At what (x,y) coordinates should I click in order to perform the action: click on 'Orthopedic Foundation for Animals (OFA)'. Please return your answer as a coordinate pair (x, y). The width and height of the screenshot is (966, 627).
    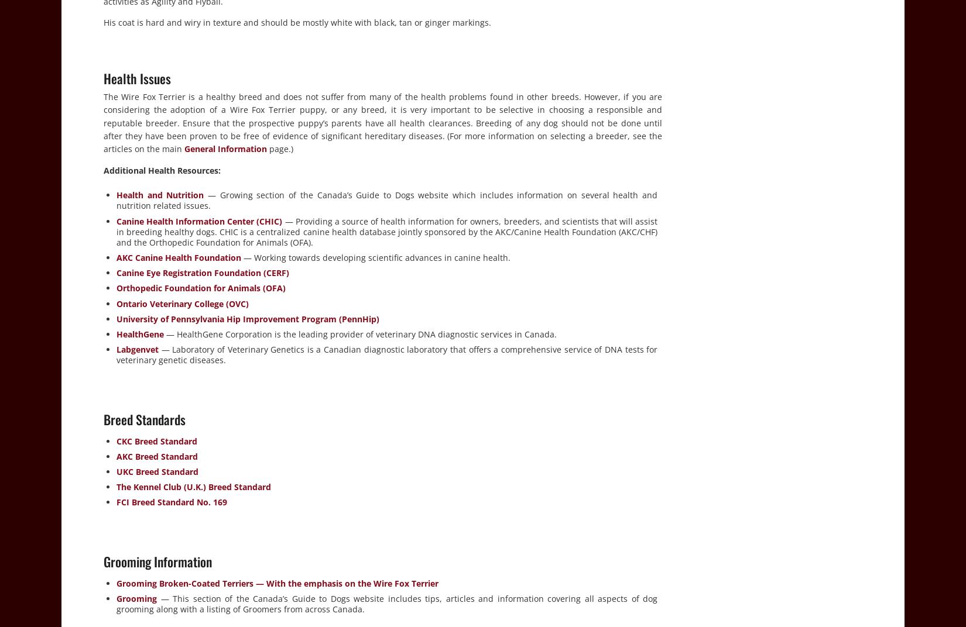
    Looking at the image, I should click on (201, 288).